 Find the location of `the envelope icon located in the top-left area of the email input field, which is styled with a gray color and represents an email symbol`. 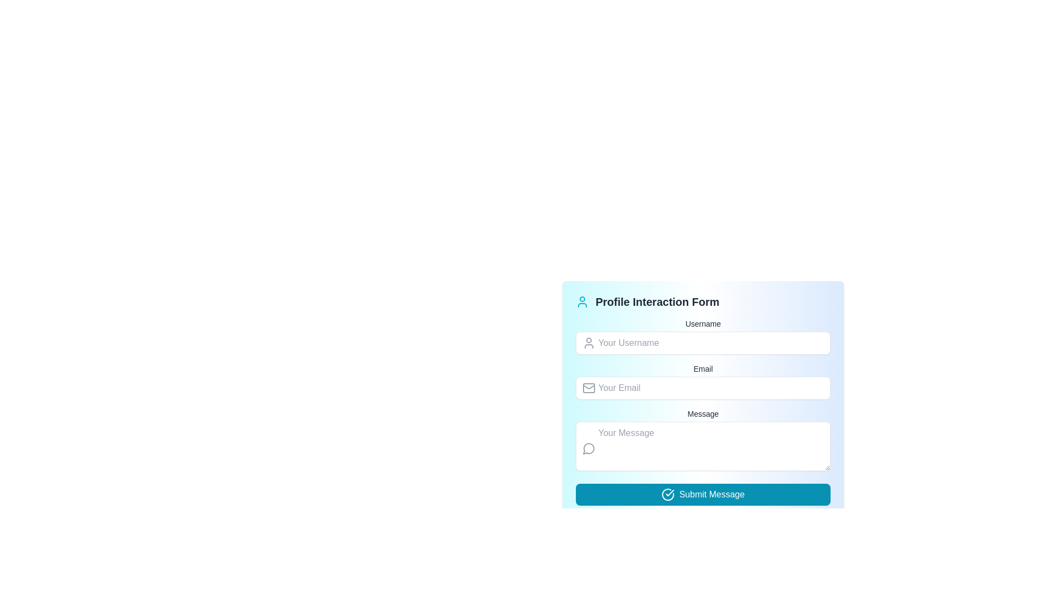

the envelope icon located in the top-left area of the email input field, which is styled with a gray color and represents an email symbol is located at coordinates (588, 387).